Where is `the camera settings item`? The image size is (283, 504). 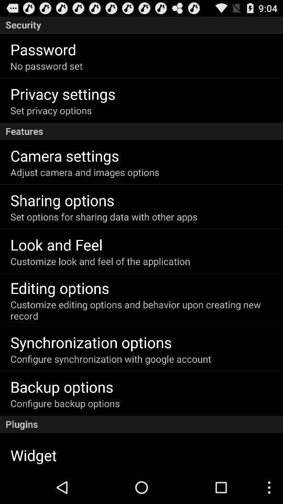
the camera settings item is located at coordinates (64, 155).